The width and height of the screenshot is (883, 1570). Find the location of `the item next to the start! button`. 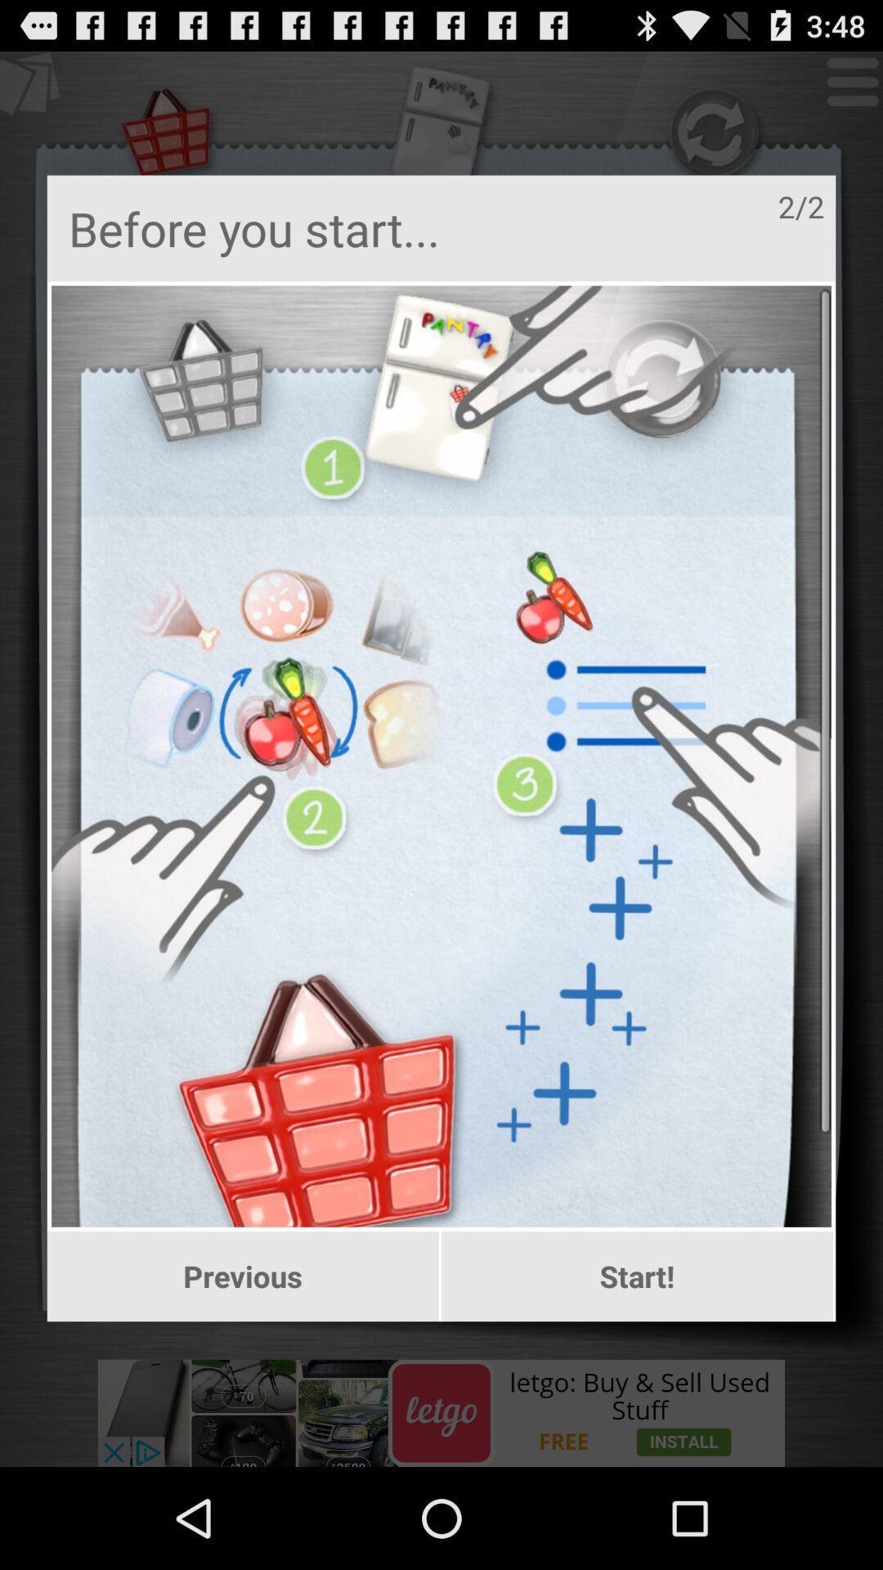

the item next to the start! button is located at coordinates (243, 1276).